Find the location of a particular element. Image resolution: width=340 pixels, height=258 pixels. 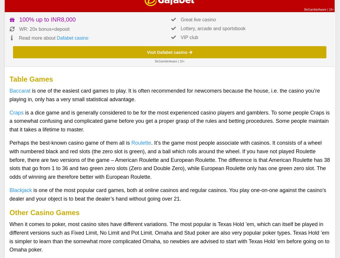

'WR: 20x bonus+deposit' is located at coordinates (19, 29).